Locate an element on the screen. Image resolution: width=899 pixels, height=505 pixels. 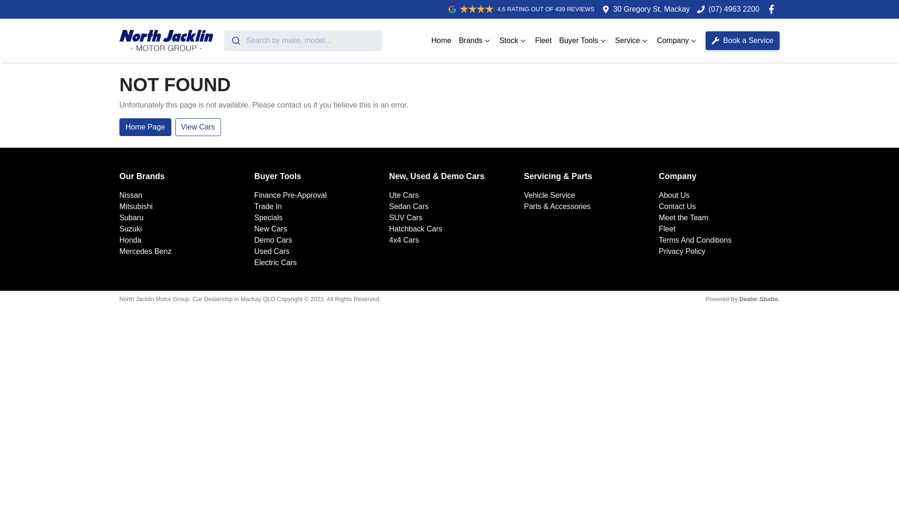
'Suzuki' is located at coordinates (130, 229).